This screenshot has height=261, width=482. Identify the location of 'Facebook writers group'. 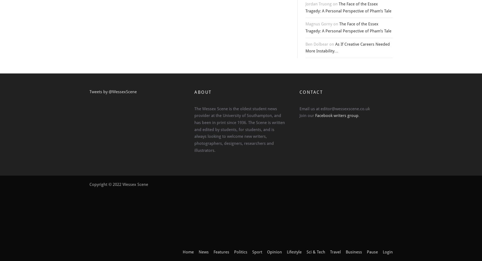
(337, 115).